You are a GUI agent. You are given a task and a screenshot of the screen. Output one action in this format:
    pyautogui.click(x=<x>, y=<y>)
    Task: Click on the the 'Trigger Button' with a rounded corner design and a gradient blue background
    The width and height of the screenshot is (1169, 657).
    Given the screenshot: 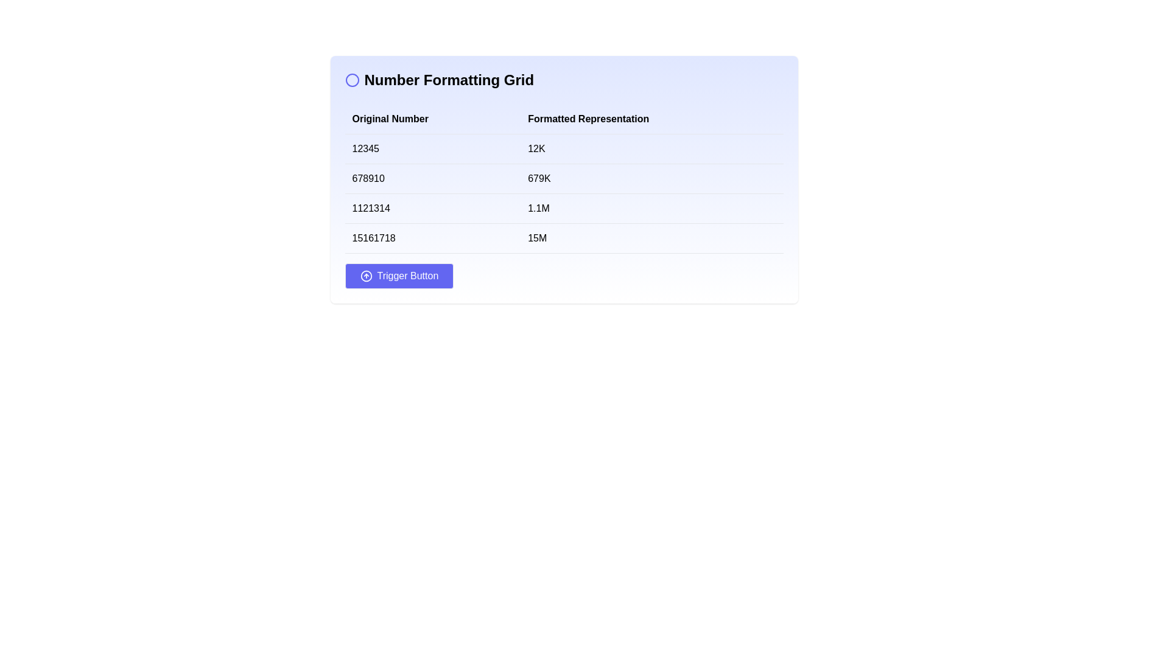 What is the action you would take?
    pyautogui.click(x=399, y=276)
    